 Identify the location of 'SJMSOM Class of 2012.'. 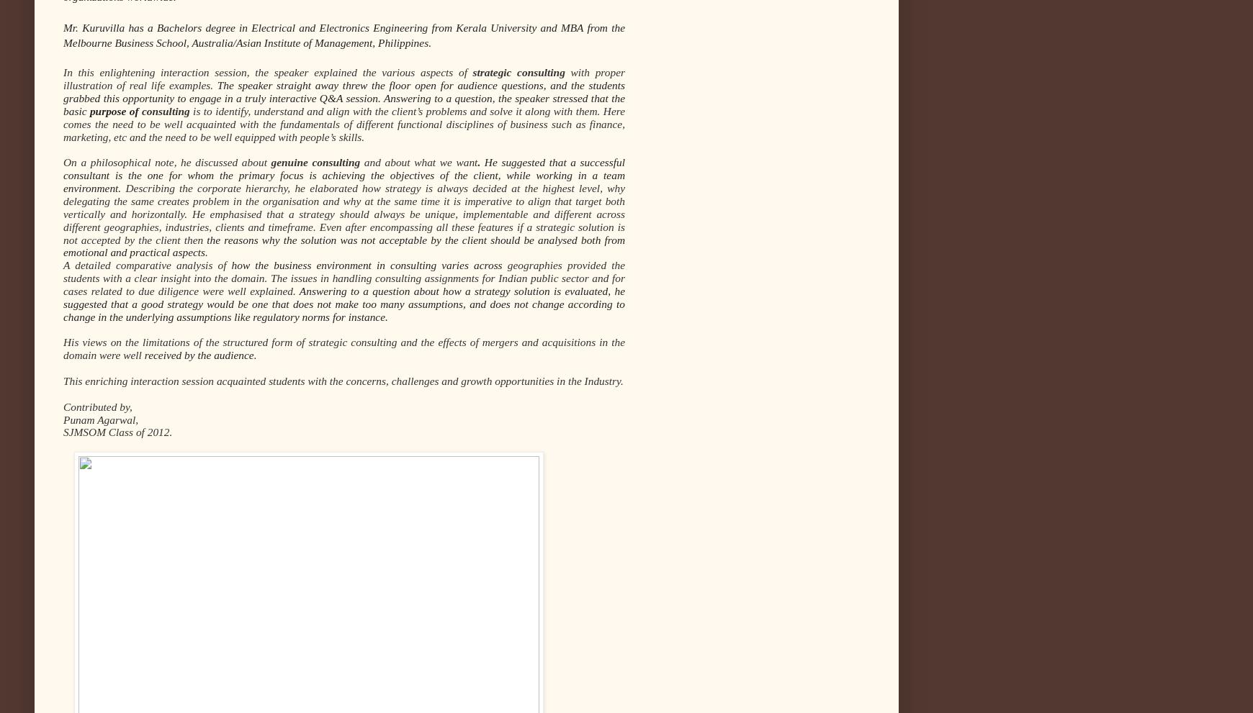
(117, 432).